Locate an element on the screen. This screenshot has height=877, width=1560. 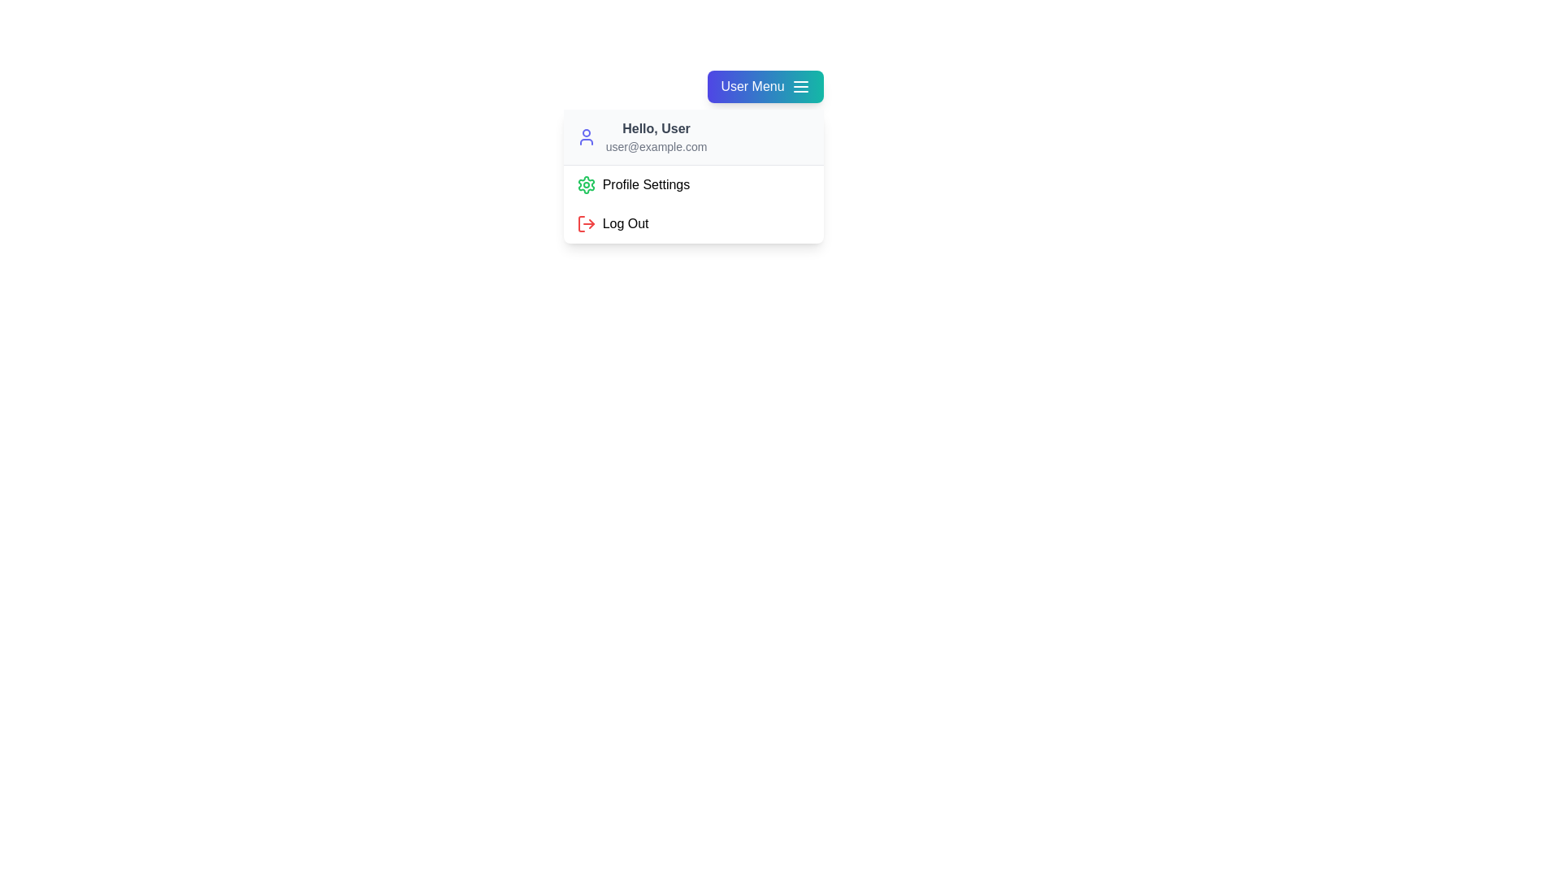
the 'User Menu' button to toggle the menu visibility is located at coordinates (765, 87).